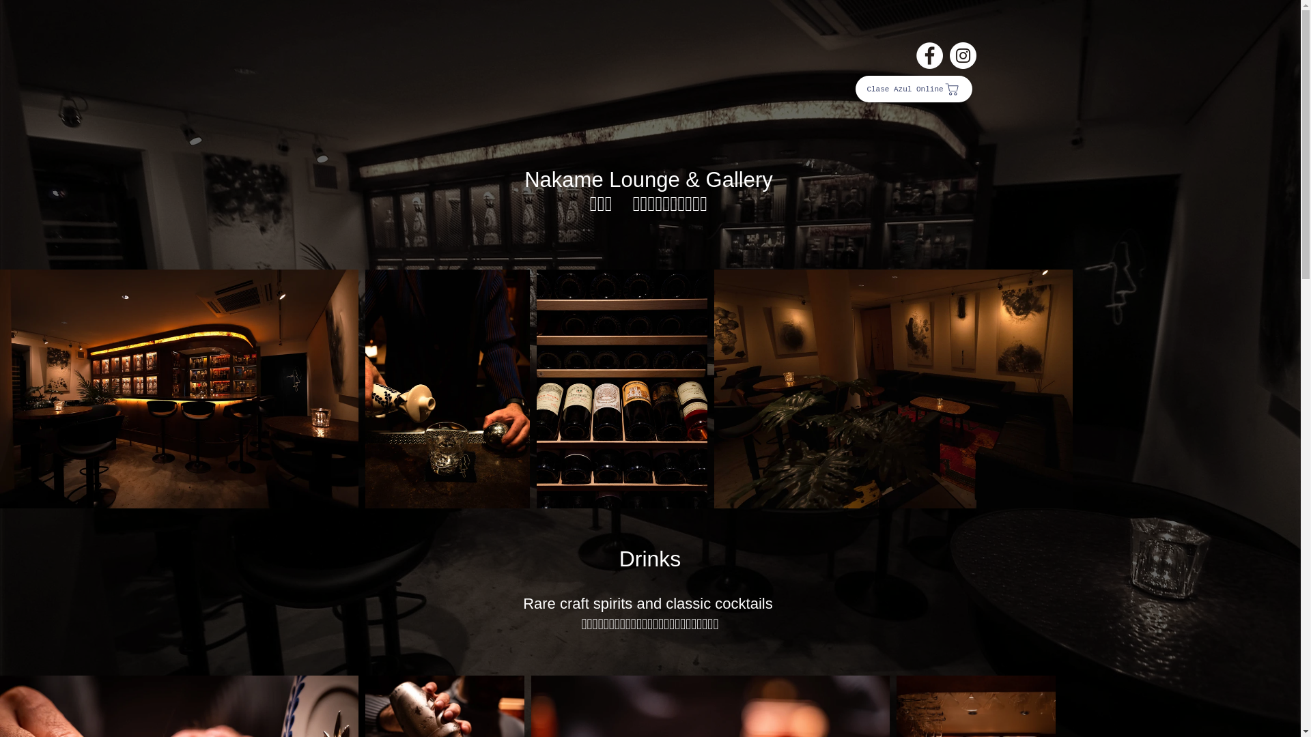 The height and width of the screenshot is (737, 1311). What do you see at coordinates (913, 89) in the screenshot?
I see `'Clase Azul Online'` at bounding box center [913, 89].